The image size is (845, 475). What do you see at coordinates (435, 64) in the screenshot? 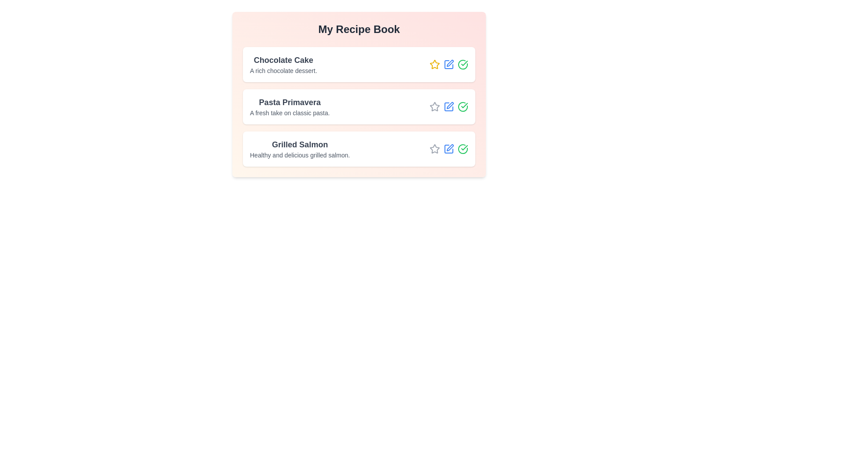
I see `the star icon of the recipe titled 'Chocolate Cake' to toggle its favorite status` at bounding box center [435, 64].